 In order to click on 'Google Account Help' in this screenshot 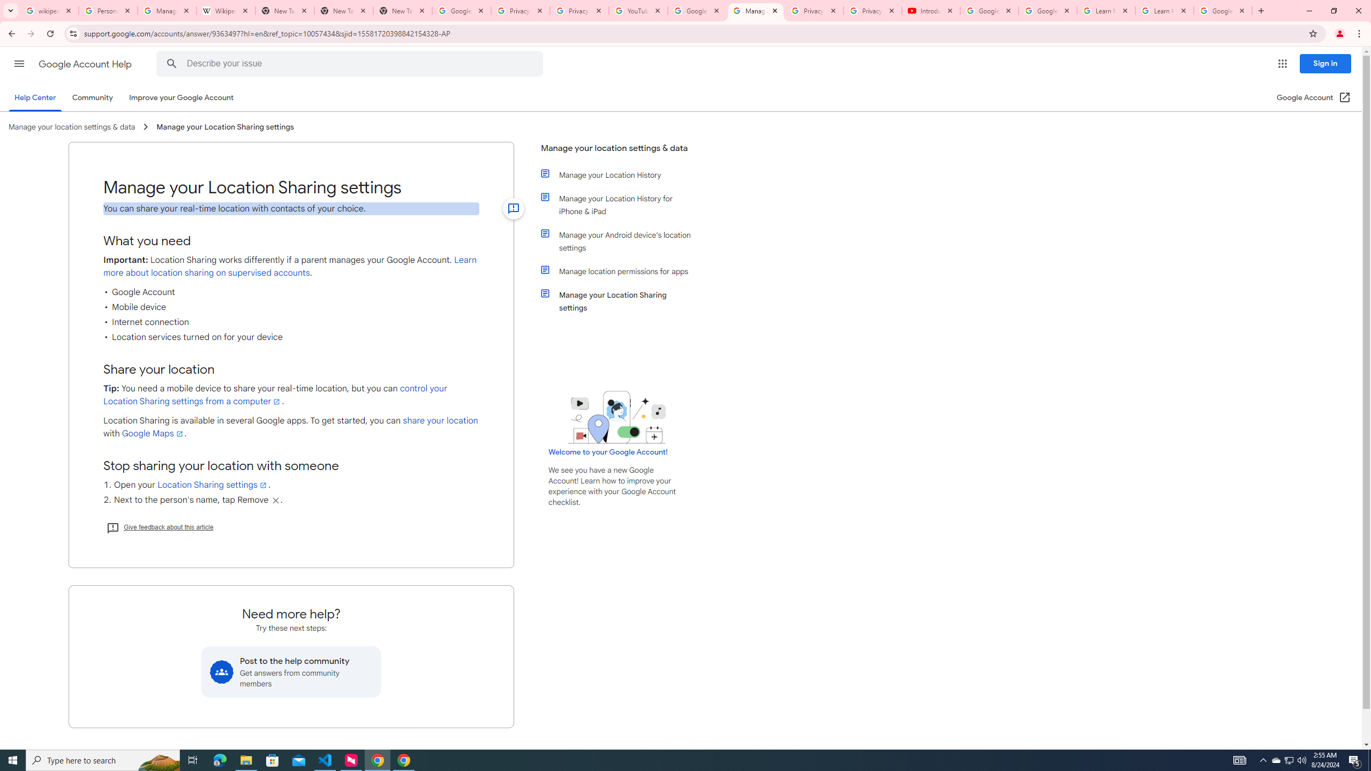, I will do `click(86, 64)`.